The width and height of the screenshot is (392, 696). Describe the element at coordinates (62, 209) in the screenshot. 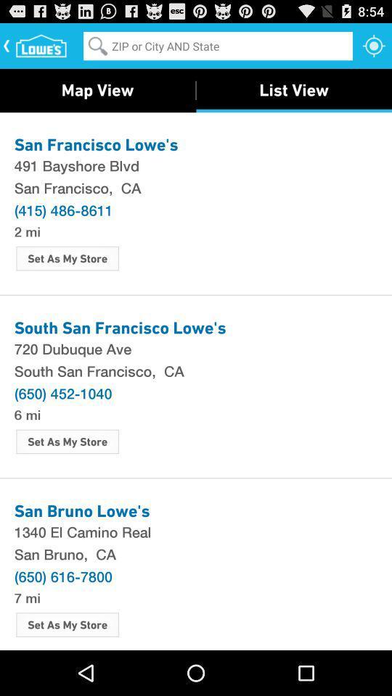

I see `item below the san francisco,  ca` at that location.